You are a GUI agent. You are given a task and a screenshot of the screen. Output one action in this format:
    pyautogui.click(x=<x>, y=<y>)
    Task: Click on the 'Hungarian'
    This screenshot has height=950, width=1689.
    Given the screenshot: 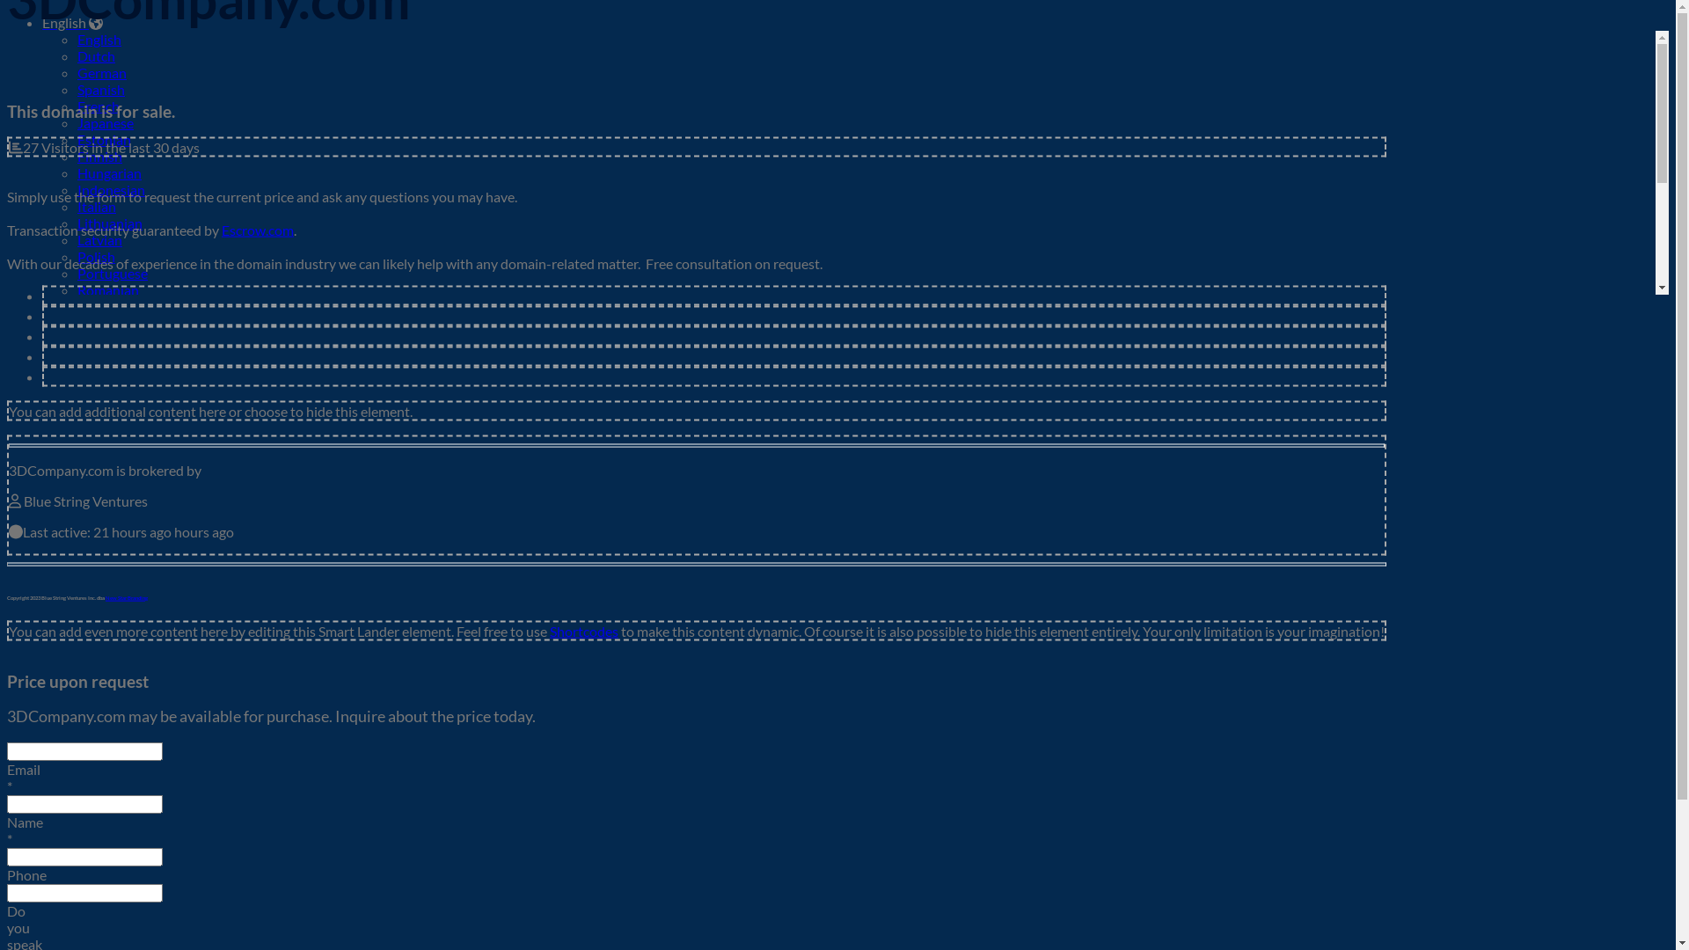 What is the action you would take?
    pyautogui.click(x=108, y=172)
    